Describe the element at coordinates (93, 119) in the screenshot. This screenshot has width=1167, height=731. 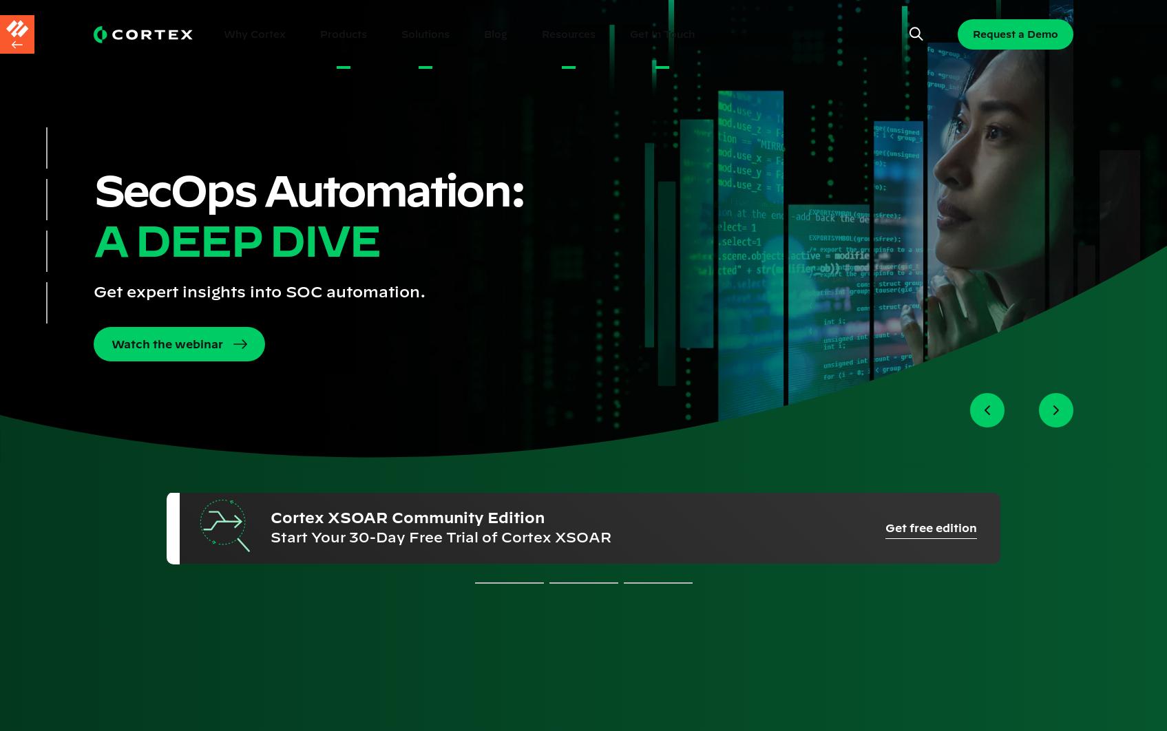
I see `'Request your Personal Cortex XSOAR Demo'` at that location.